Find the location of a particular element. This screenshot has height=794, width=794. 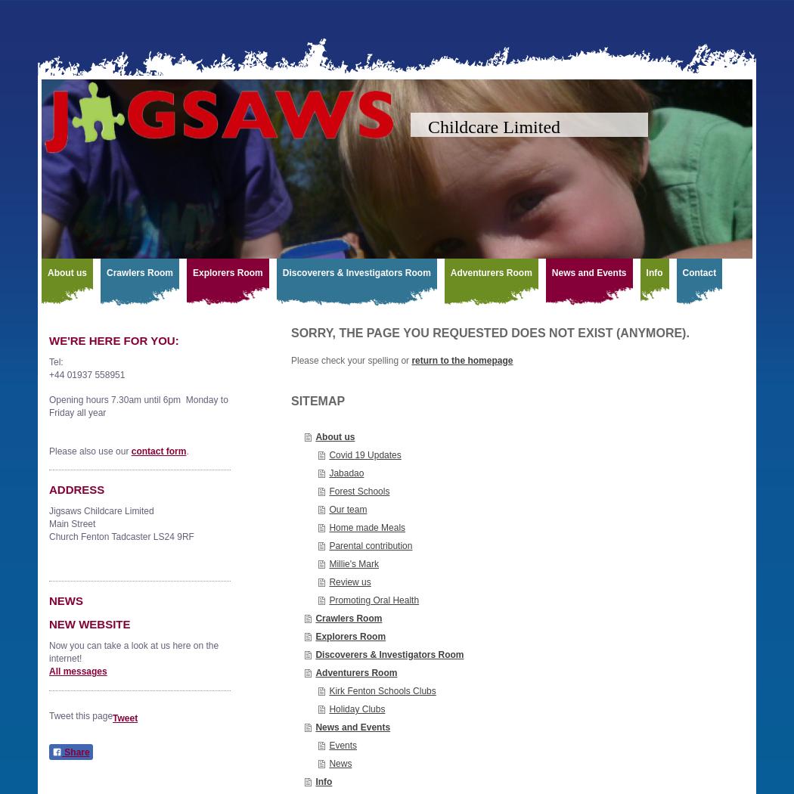

'Holiday Clubs' is located at coordinates (356, 709).